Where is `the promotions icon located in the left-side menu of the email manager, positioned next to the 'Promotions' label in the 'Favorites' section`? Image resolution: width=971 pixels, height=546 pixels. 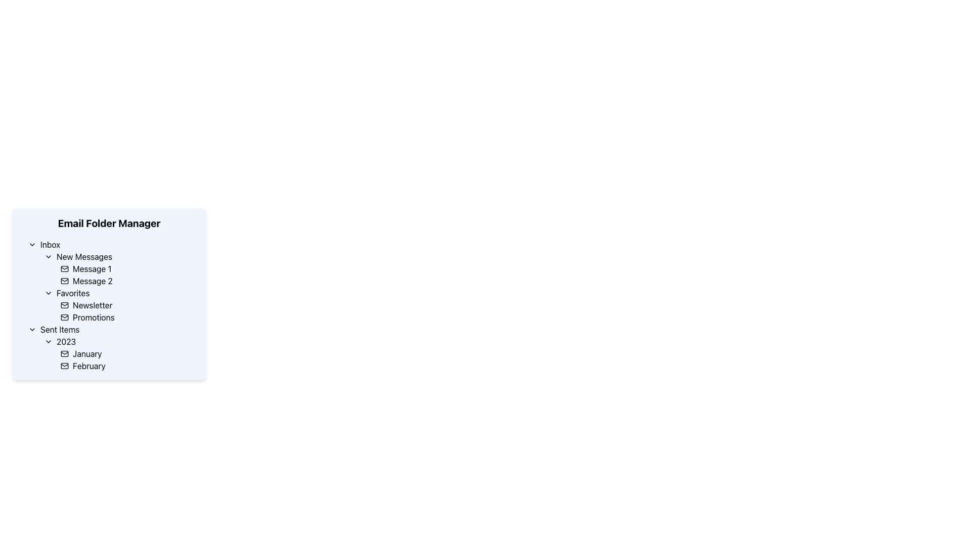
the promotions icon located in the left-side menu of the email manager, positioned next to the 'Promotions' label in the 'Favorites' section is located at coordinates (64, 317).